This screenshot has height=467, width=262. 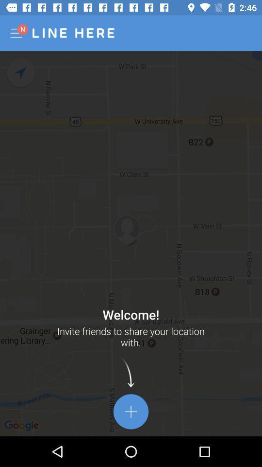 I want to click on the item at the center, so click(x=131, y=243).